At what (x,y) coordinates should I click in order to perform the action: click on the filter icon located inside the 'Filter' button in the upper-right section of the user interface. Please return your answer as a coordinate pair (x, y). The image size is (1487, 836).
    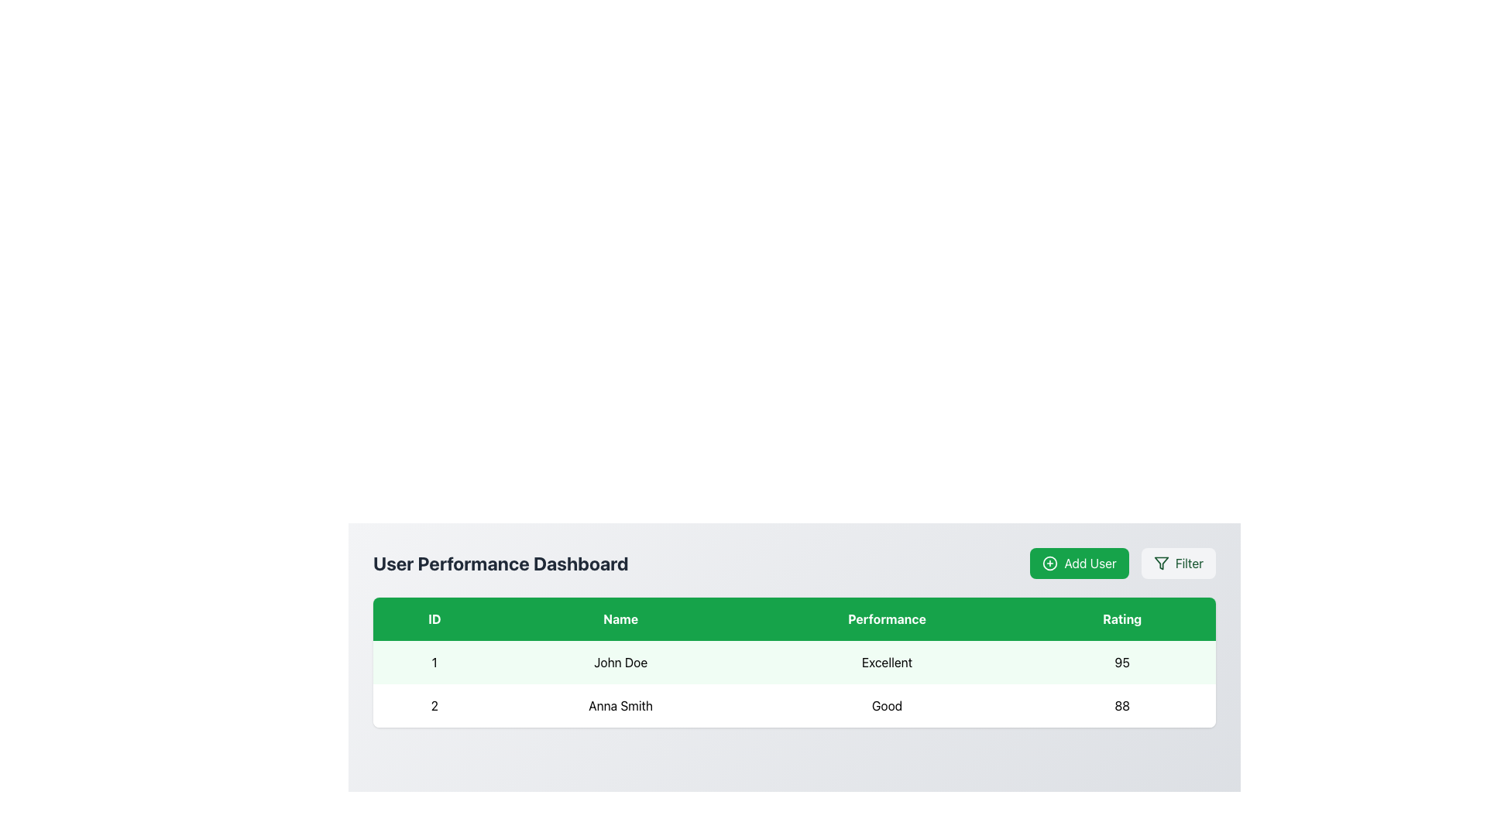
    Looking at the image, I should click on (1160, 564).